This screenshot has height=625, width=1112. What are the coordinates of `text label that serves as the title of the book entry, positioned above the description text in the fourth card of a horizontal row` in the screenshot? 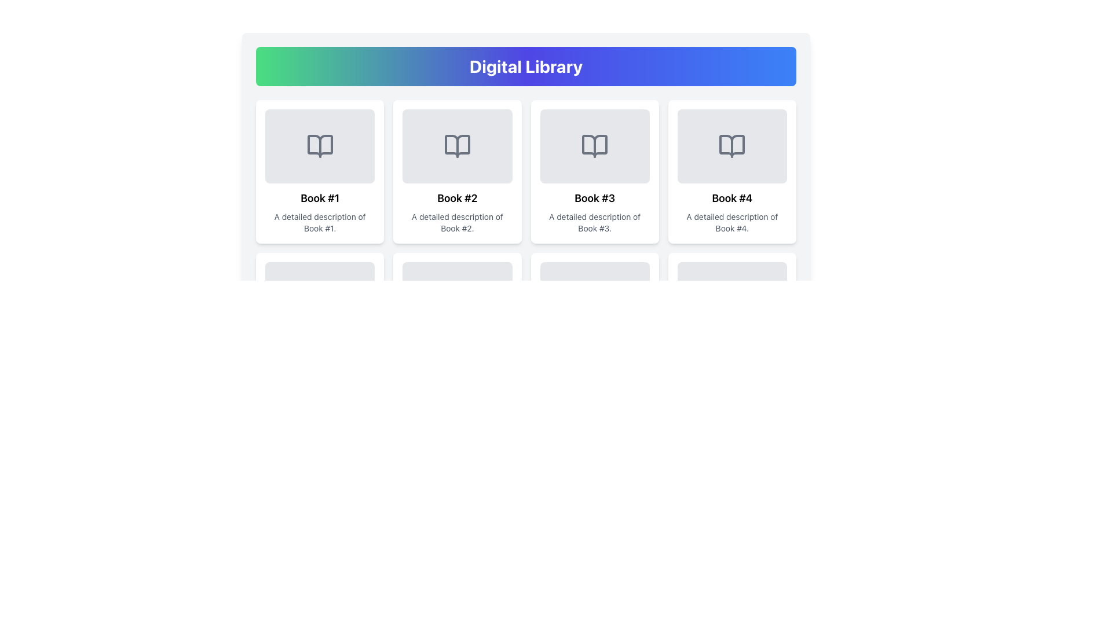 It's located at (731, 198).